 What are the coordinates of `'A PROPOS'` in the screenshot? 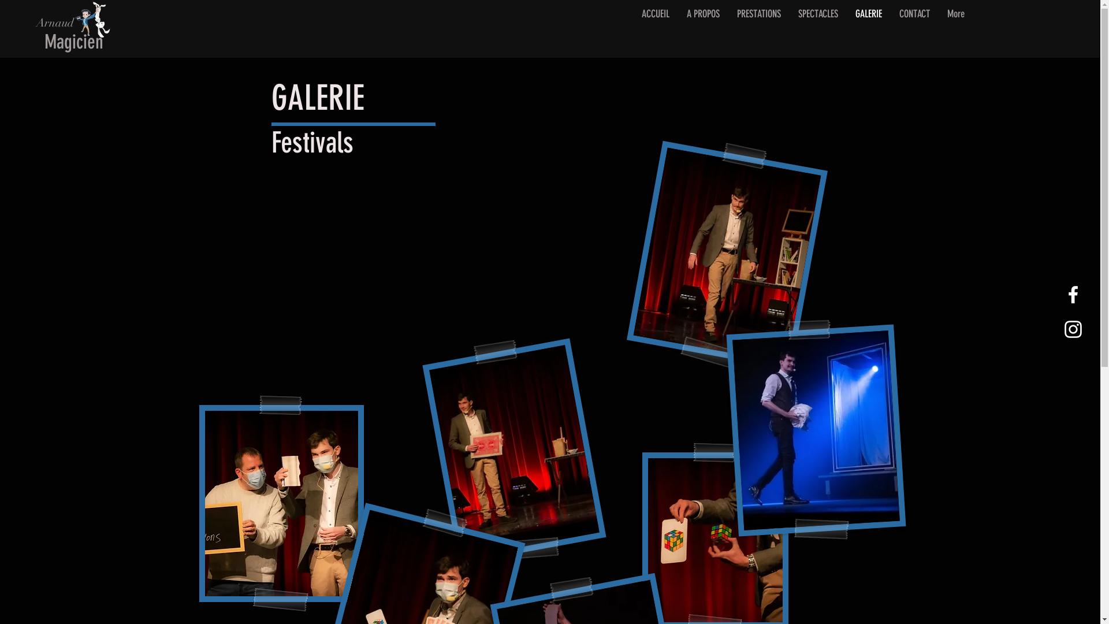 It's located at (702, 29).